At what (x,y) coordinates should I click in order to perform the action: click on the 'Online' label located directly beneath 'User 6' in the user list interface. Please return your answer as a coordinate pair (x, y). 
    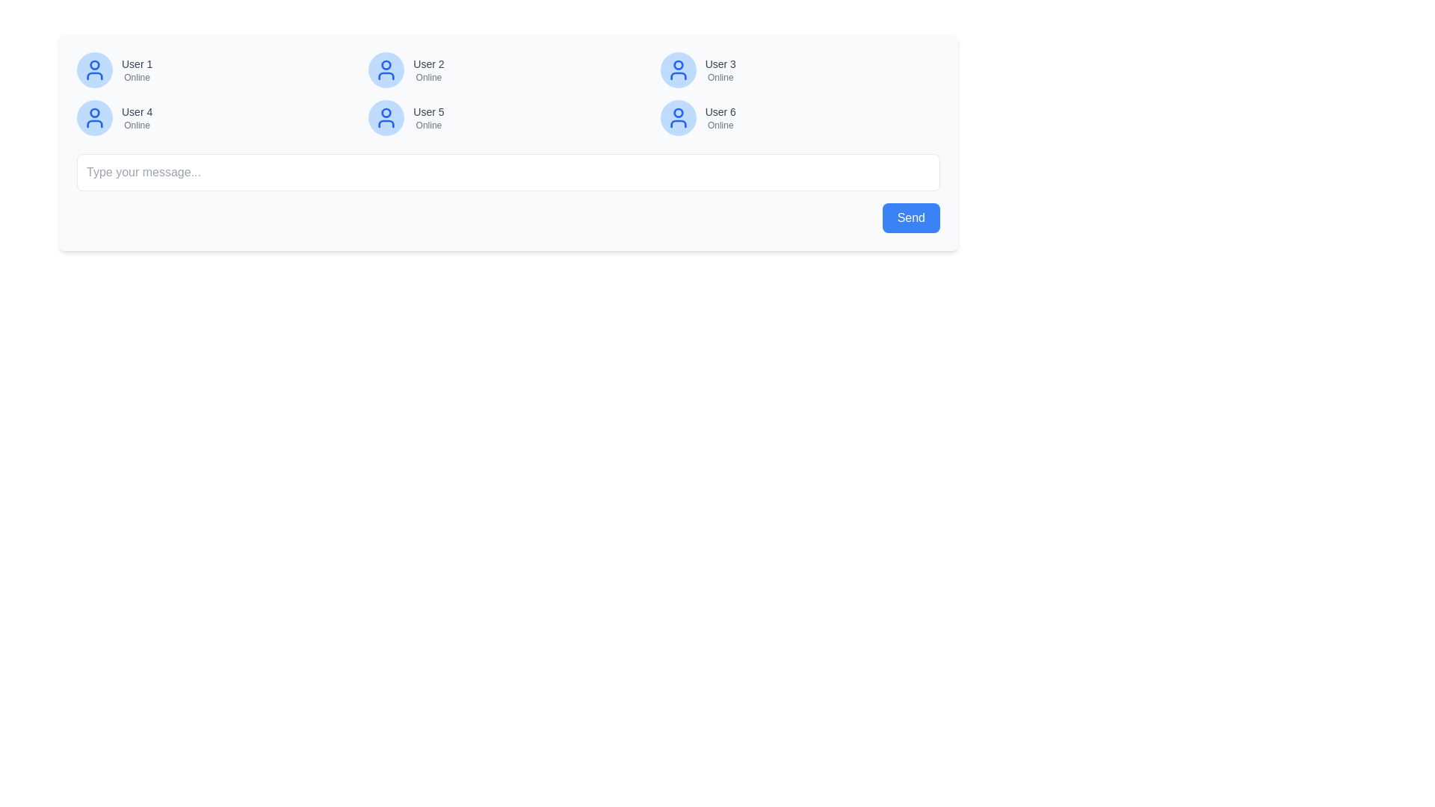
    Looking at the image, I should click on (720, 125).